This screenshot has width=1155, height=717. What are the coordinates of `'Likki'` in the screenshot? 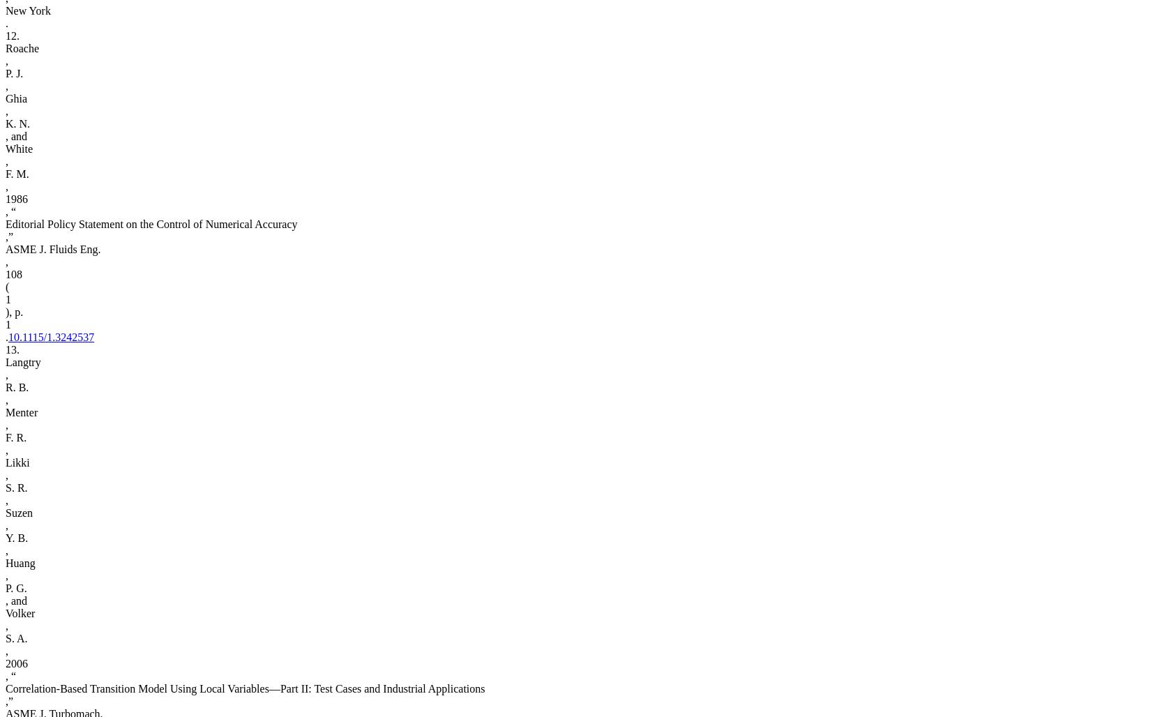 It's located at (17, 462).